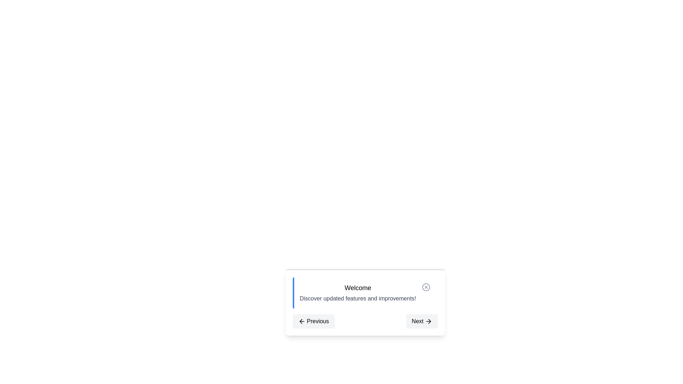 The width and height of the screenshot is (683, 384). Describe the element at coordinates (426, 287) in the screenshot. I see `the close button located in the top-right corner of the notification panel` at that location.